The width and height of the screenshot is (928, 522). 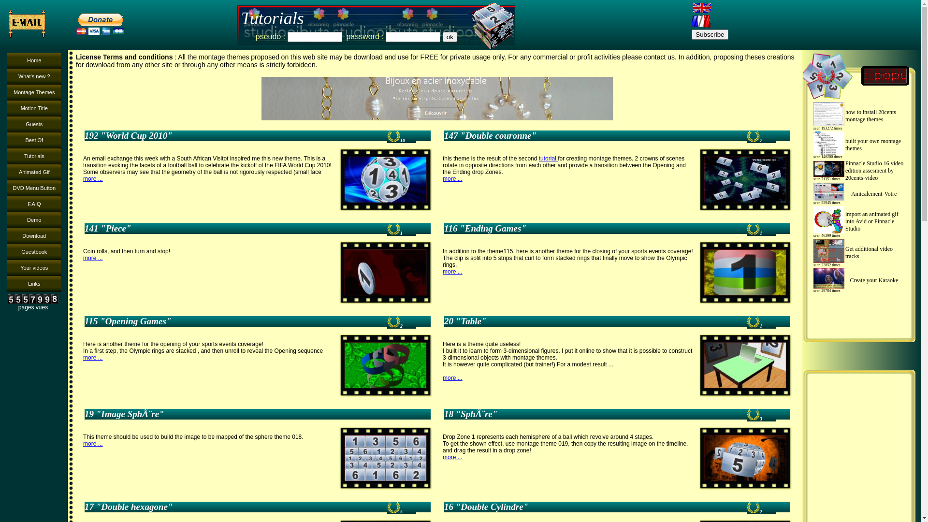 I want to click on 'Home', so click(x=34, y=60).